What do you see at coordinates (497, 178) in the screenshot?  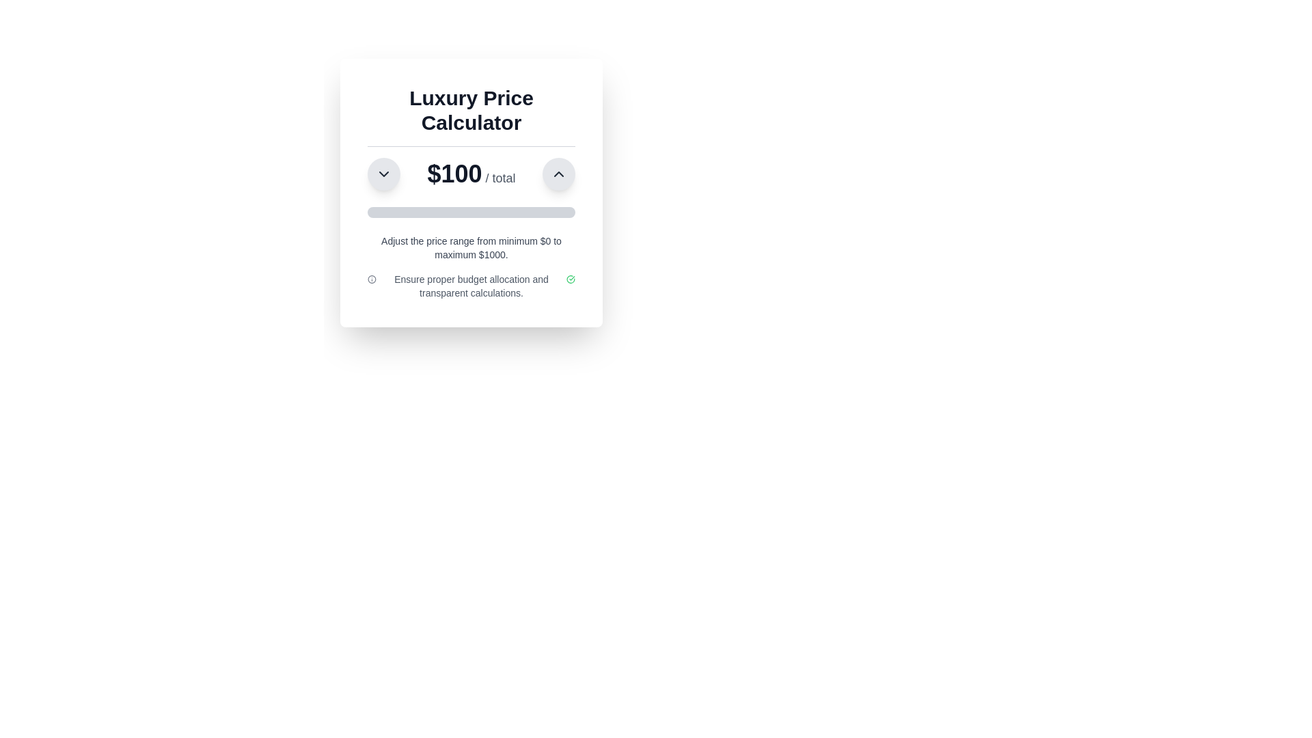 I see `the non-interactive text label that provides secondary descriptive information for the primary value '$100', located to the right side of the '$100' text within the lower section of a larger bolded text block` at bounding box center [497, 178].